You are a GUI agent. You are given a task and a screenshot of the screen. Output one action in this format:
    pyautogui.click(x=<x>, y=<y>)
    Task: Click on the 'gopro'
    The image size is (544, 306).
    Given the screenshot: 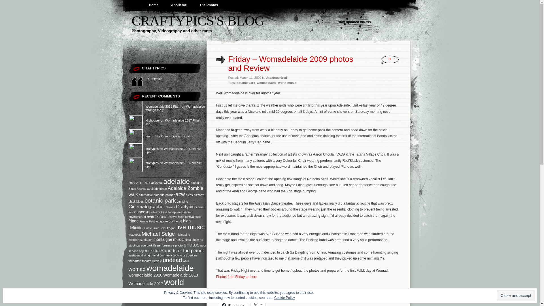 What is the action you would take?
    pyautogui.click(x=163, y=221)
    